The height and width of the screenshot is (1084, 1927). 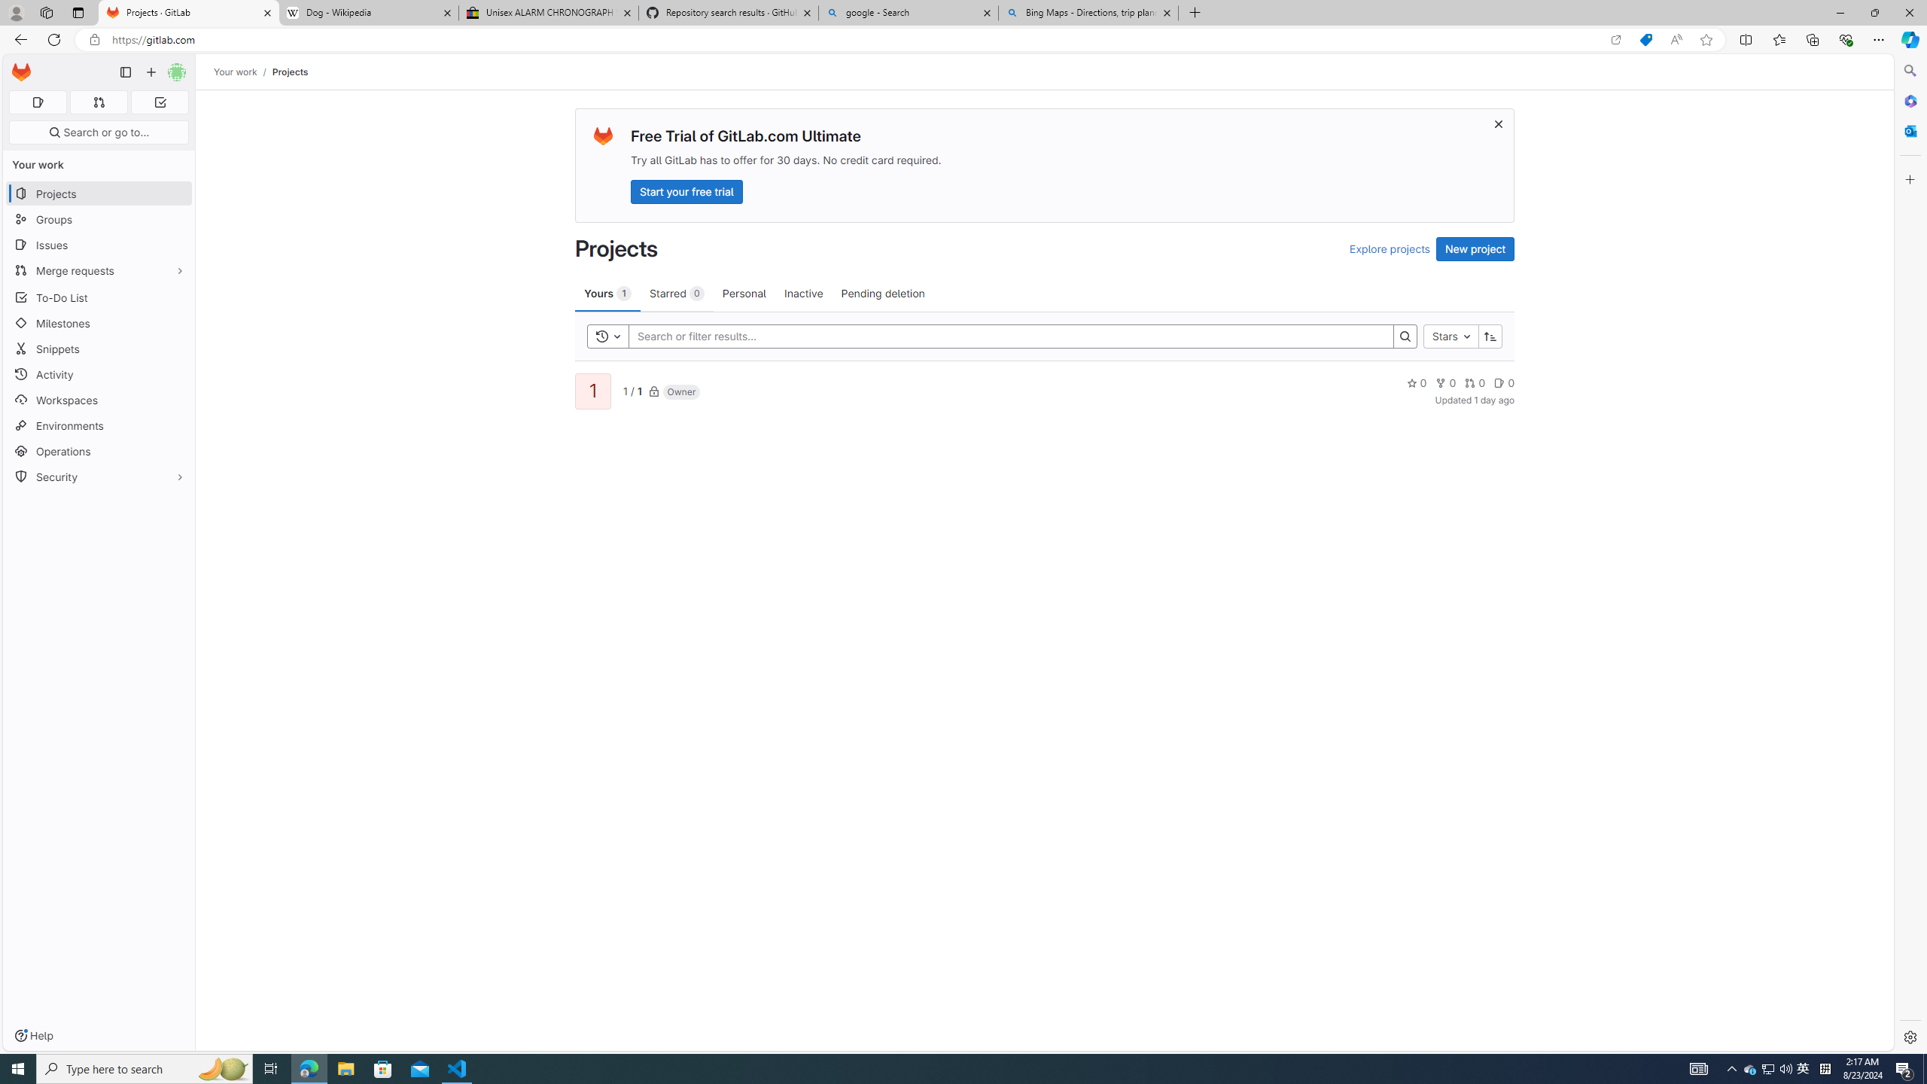 I want to click on 'Activity', so click(x=98, y=374).